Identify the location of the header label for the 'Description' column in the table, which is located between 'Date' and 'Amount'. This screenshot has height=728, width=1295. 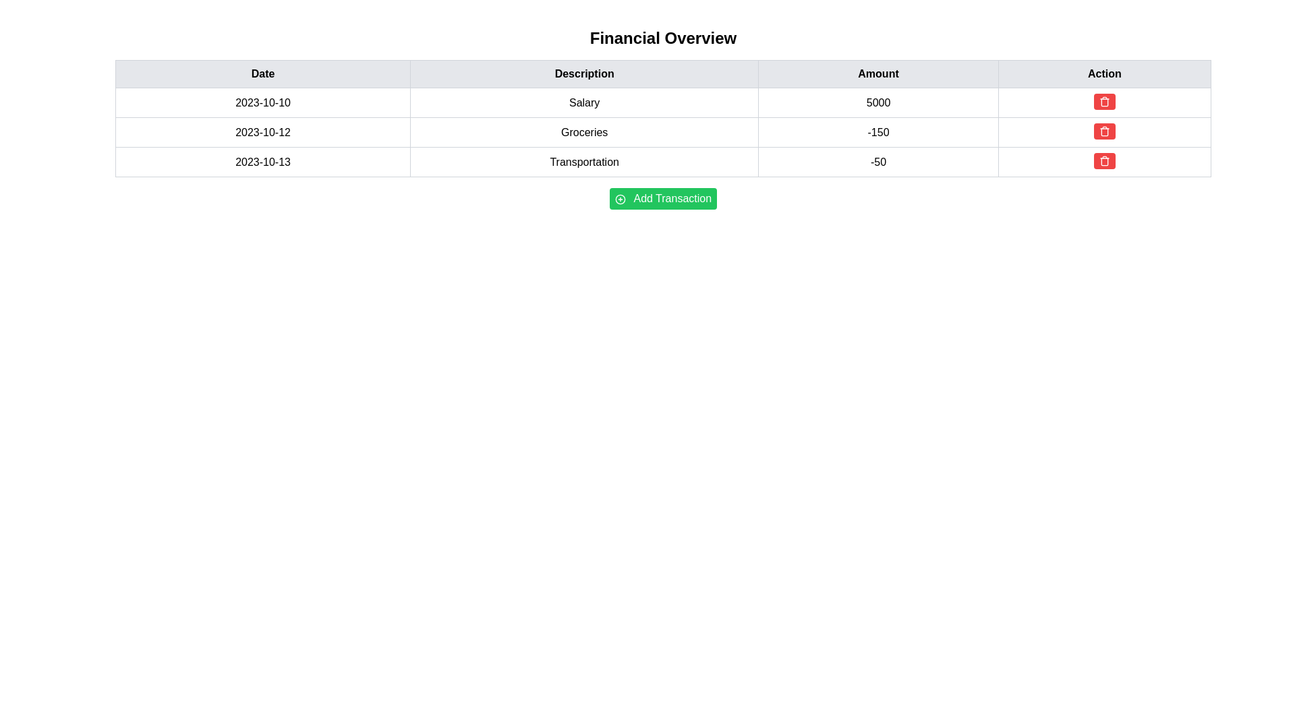
(584, 74).